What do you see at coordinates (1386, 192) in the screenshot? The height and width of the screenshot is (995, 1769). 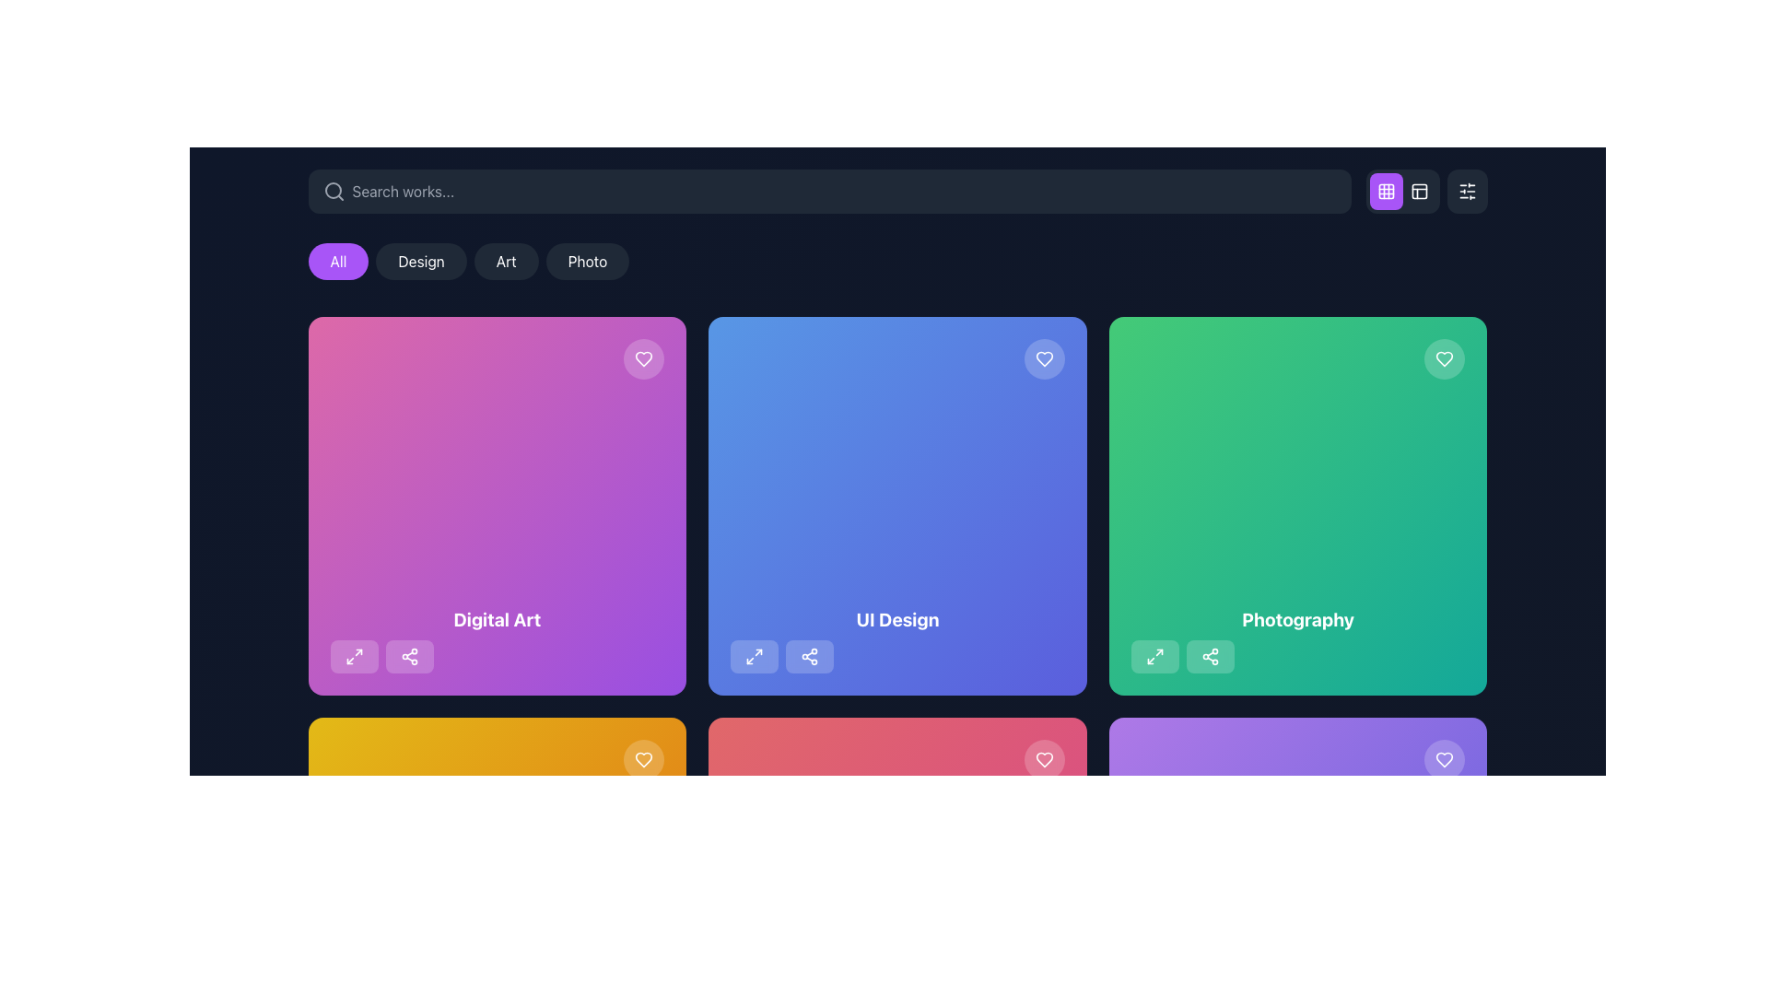 I see `the top-left rectangle of the grid layout icon located in the top-right corner of the interface, adjacent to toggle icons for configuration or views` at bounding box center [1386, 192].